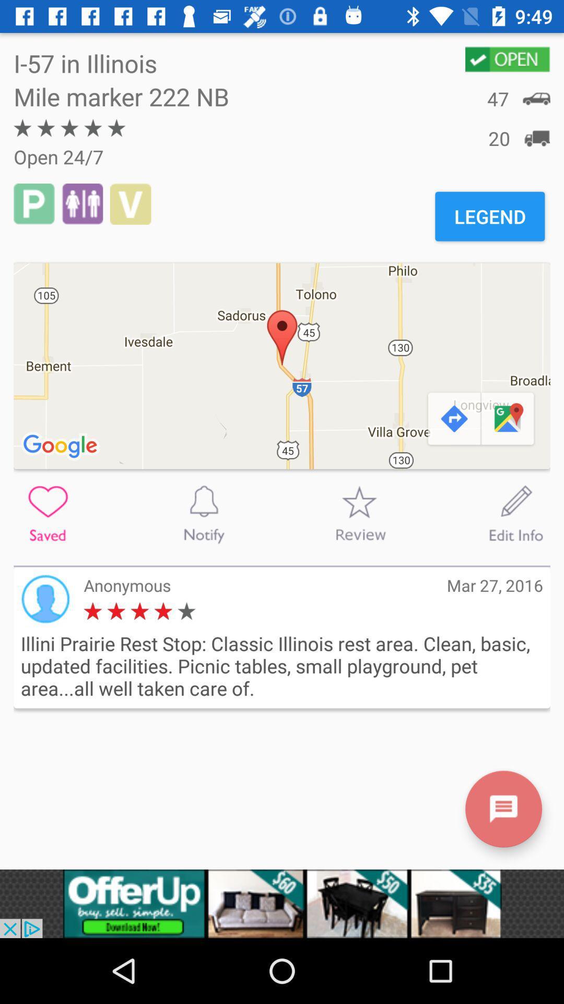 The image size is (564, 1004). I want to click on saved button, so click(48, 514).